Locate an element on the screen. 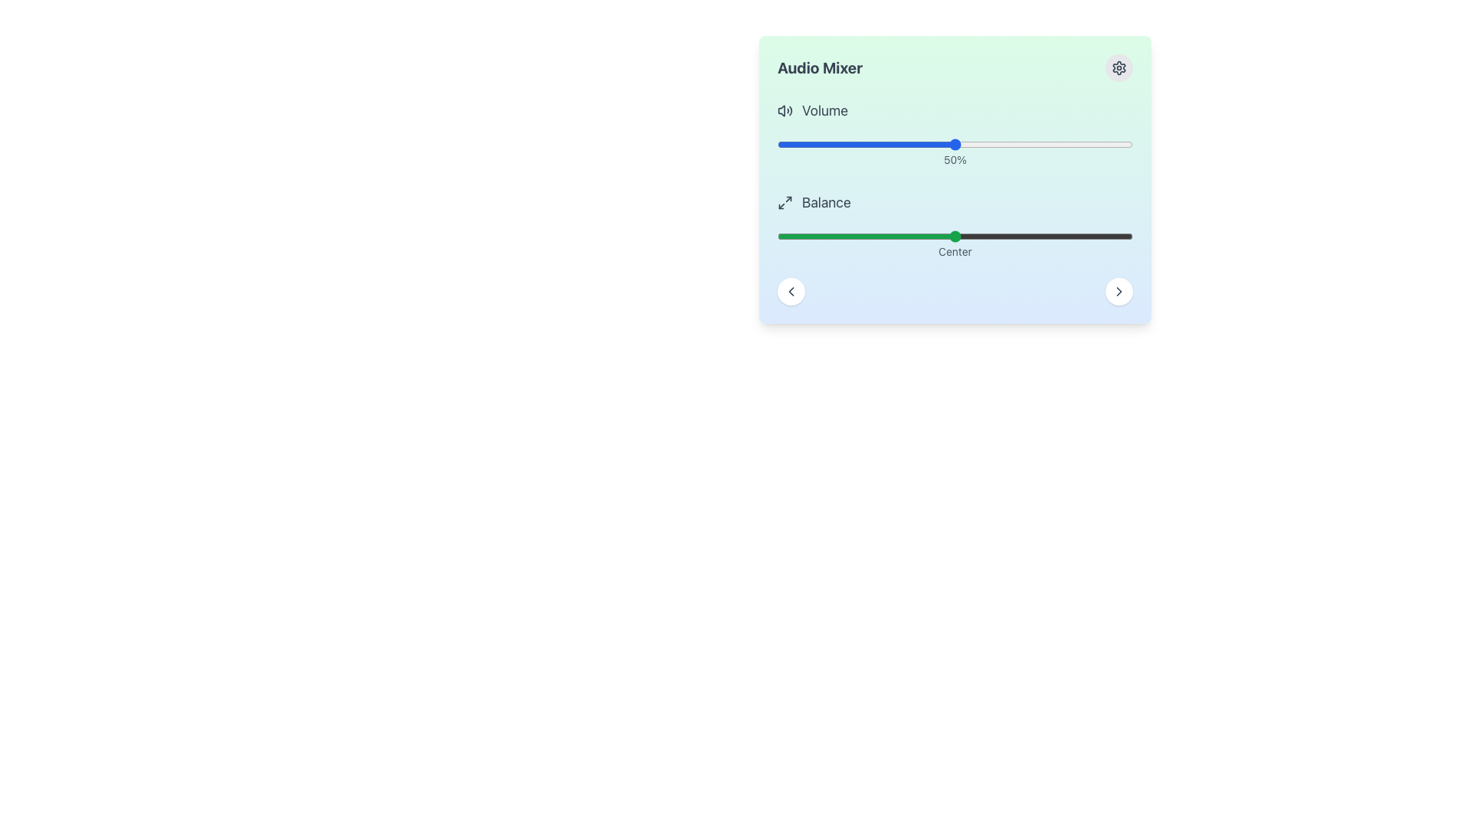  balance is located at coordinates (916, 236).